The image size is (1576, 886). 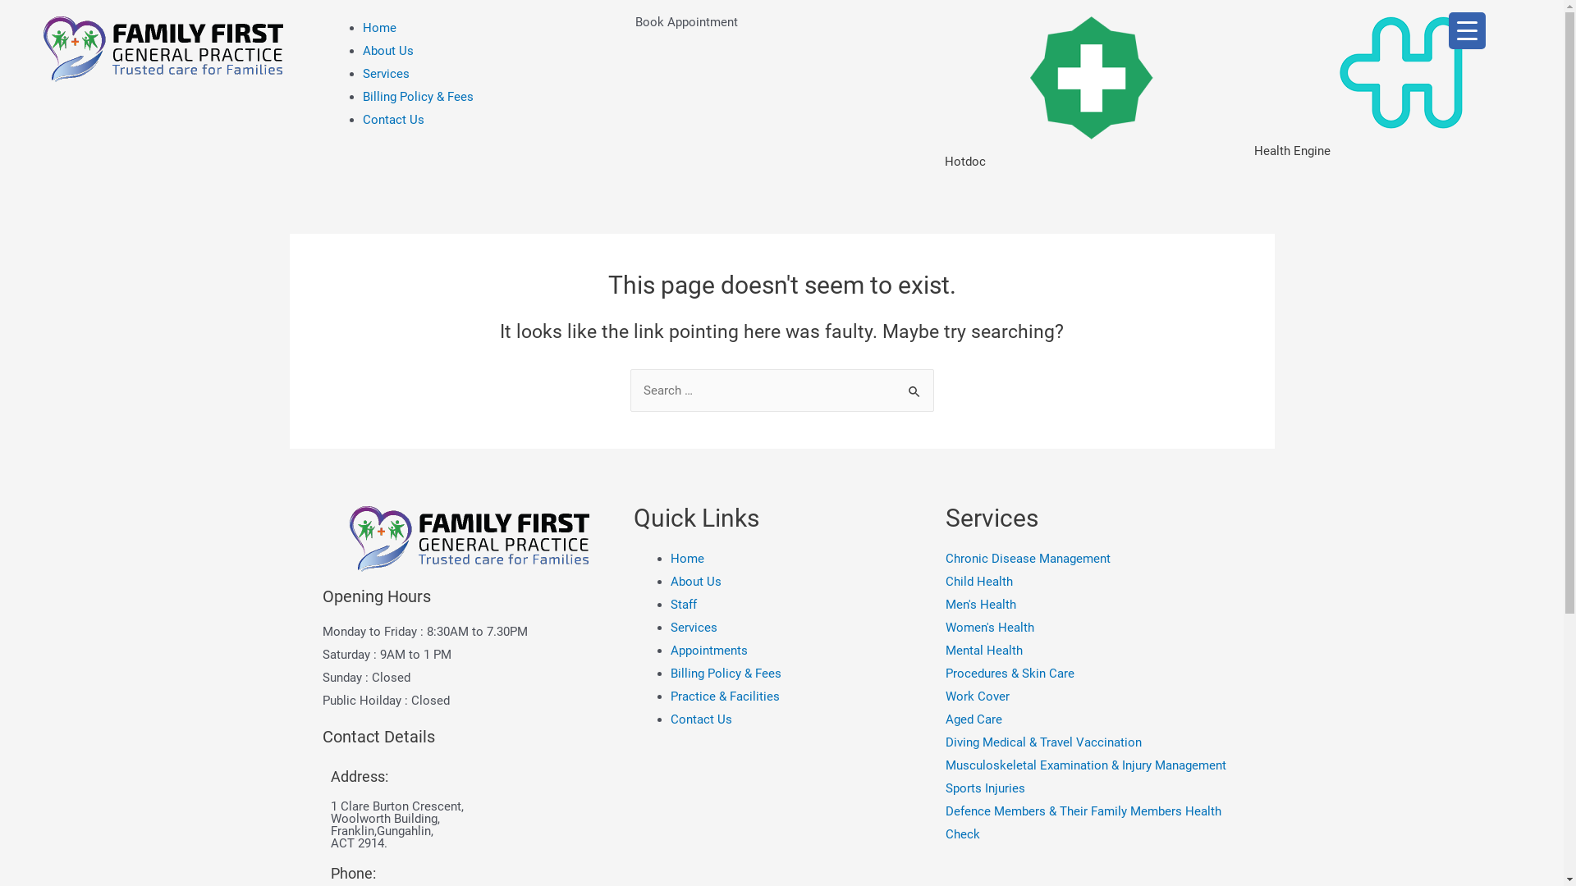 I want to click on 'Men's Health', so click(x=946, y=604).